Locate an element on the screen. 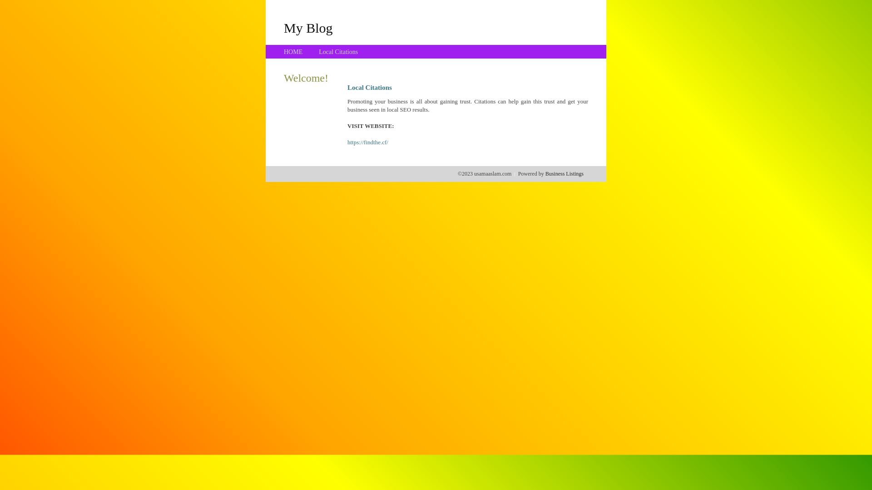 The width and height of the screenshot is (872, 490). 'My Blog' is located at coordinates (308, 27).